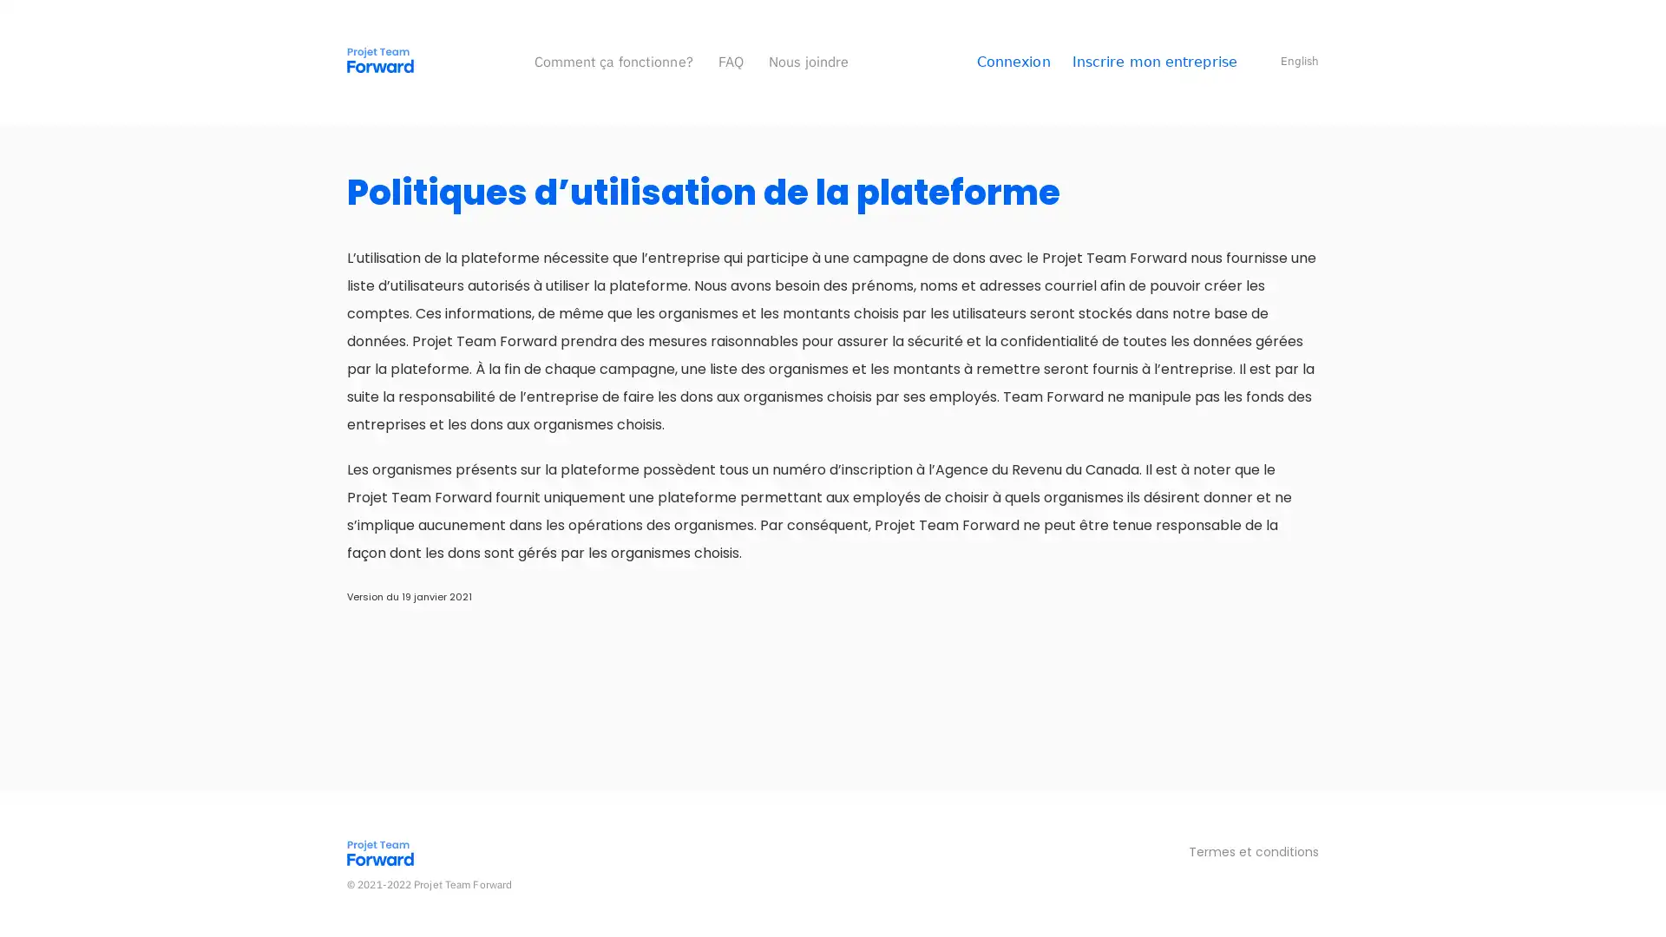  I want to click on Comment ca fonctionne?, so click(623, 60).